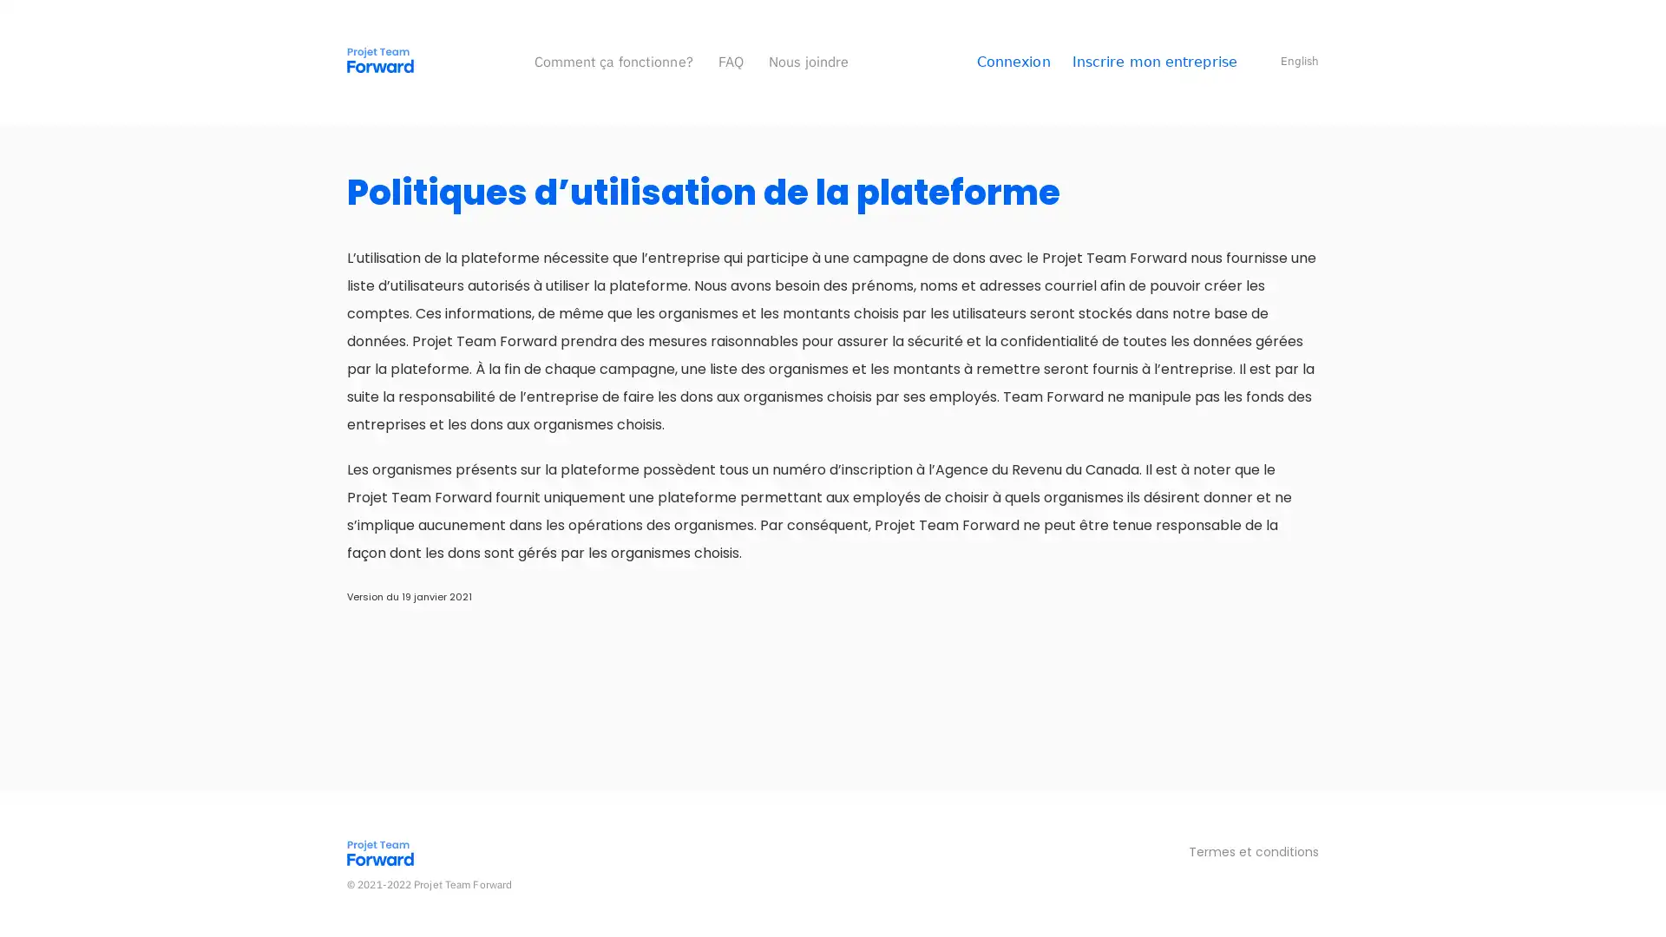  I want to click on Comment ca fonctionne?, so click(623, 60).